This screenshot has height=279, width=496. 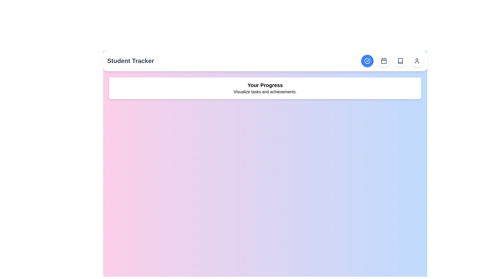 What do you see at coordinates (417, 60) in the screenshot?
I see `the circular button with a white background and dark gray user icon located at the far-right end of the horizontal row of buttons to change its color` at bounding box center [417, 60].